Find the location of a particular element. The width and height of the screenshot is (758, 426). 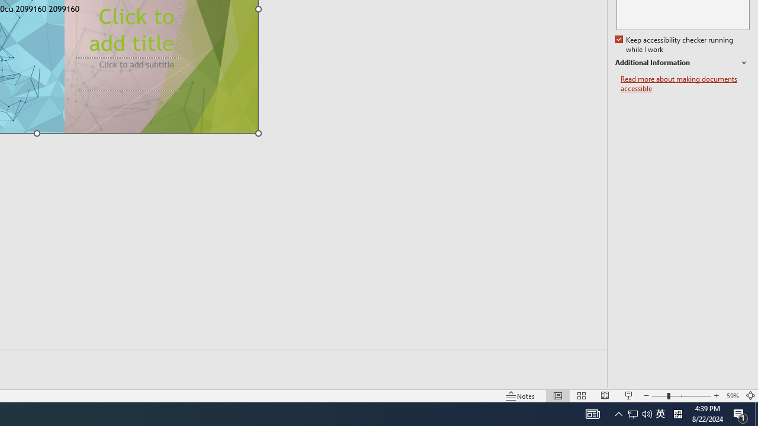

'Zoom 59%' is located at coordinates (732, 396).